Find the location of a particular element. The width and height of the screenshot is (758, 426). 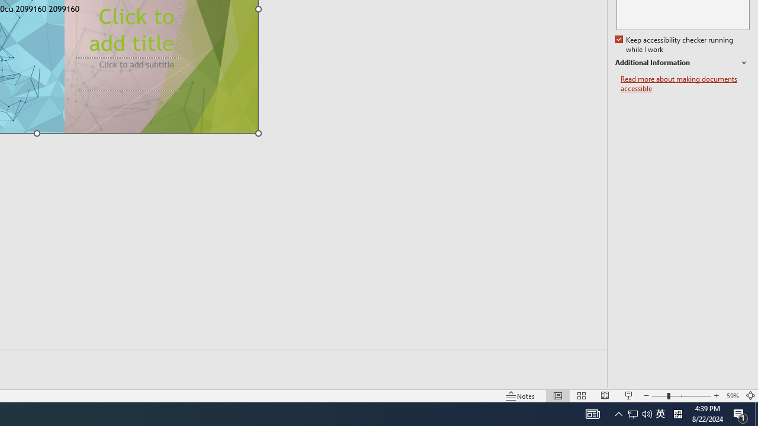

'Zoom 59%' is located at coordinates (732, 396).